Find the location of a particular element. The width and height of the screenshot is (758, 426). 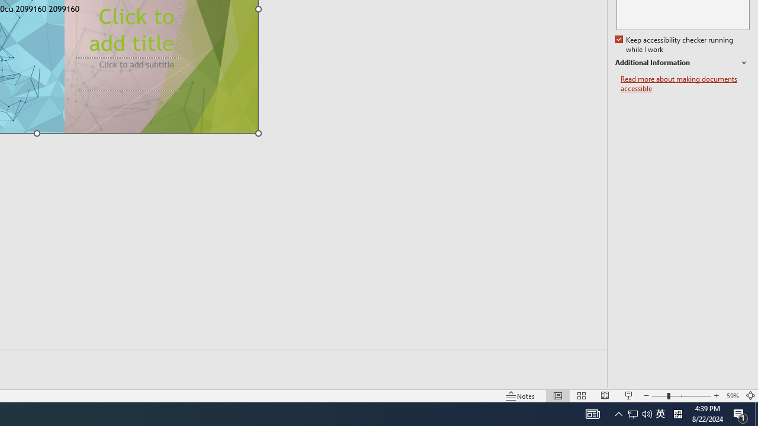

'Zoom 59%' is located at coordinates (732, 396).